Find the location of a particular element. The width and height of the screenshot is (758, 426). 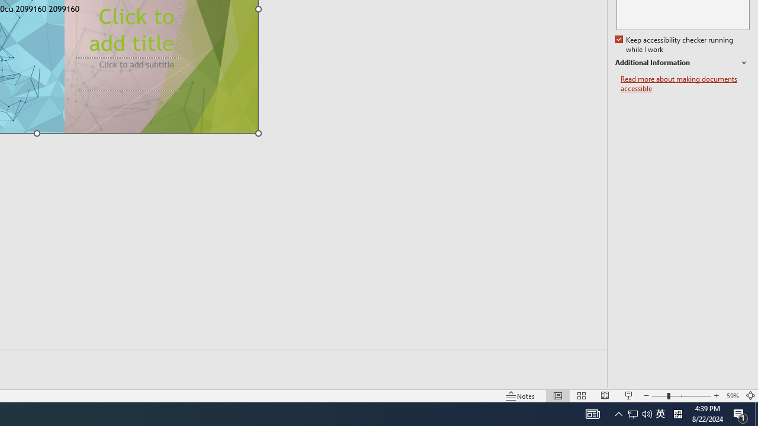

'Zoom 59%' is located at coordinates (732, 396).